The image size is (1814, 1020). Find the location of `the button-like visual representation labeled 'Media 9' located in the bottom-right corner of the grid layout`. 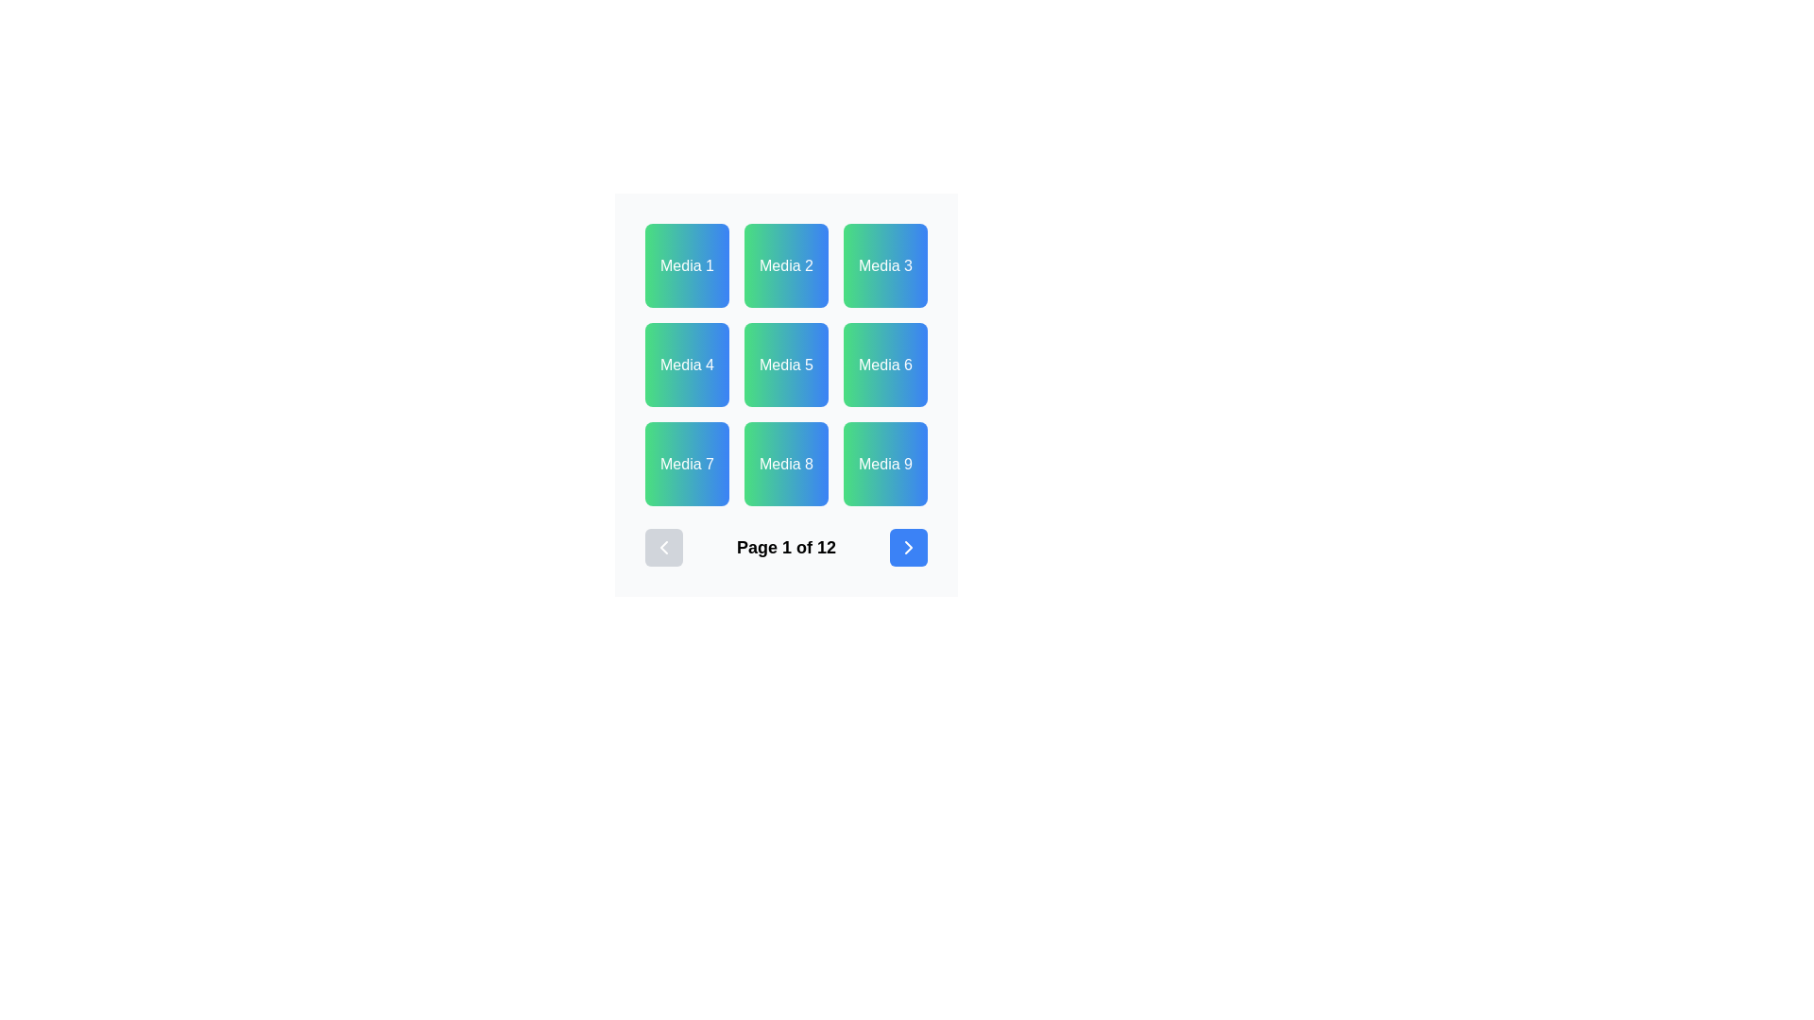

the button-like visual representation labeled 'Media 9' located in the bottom-right corner of the grid layout is located at coordinates (884, 464).